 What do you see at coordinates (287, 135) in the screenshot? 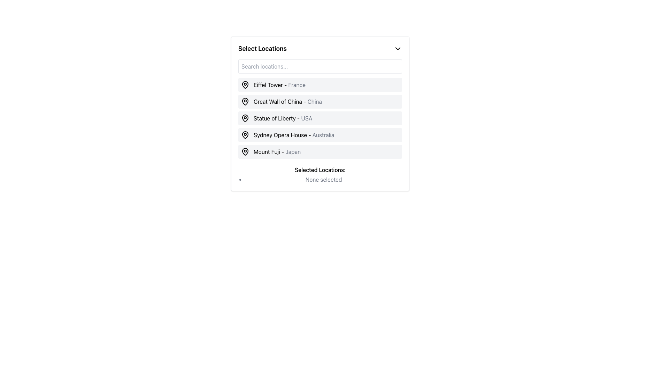
I see `the list item labeled 'Sydney Opera House - Australia'` at bounding box center [287, 135].